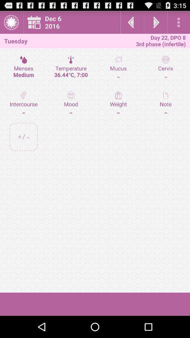 This screenshot has height=338, width=190. What do you see at coordinates (155, 22) in the screenshot?
I see `go forward one day` at bounding box center [155, 22].